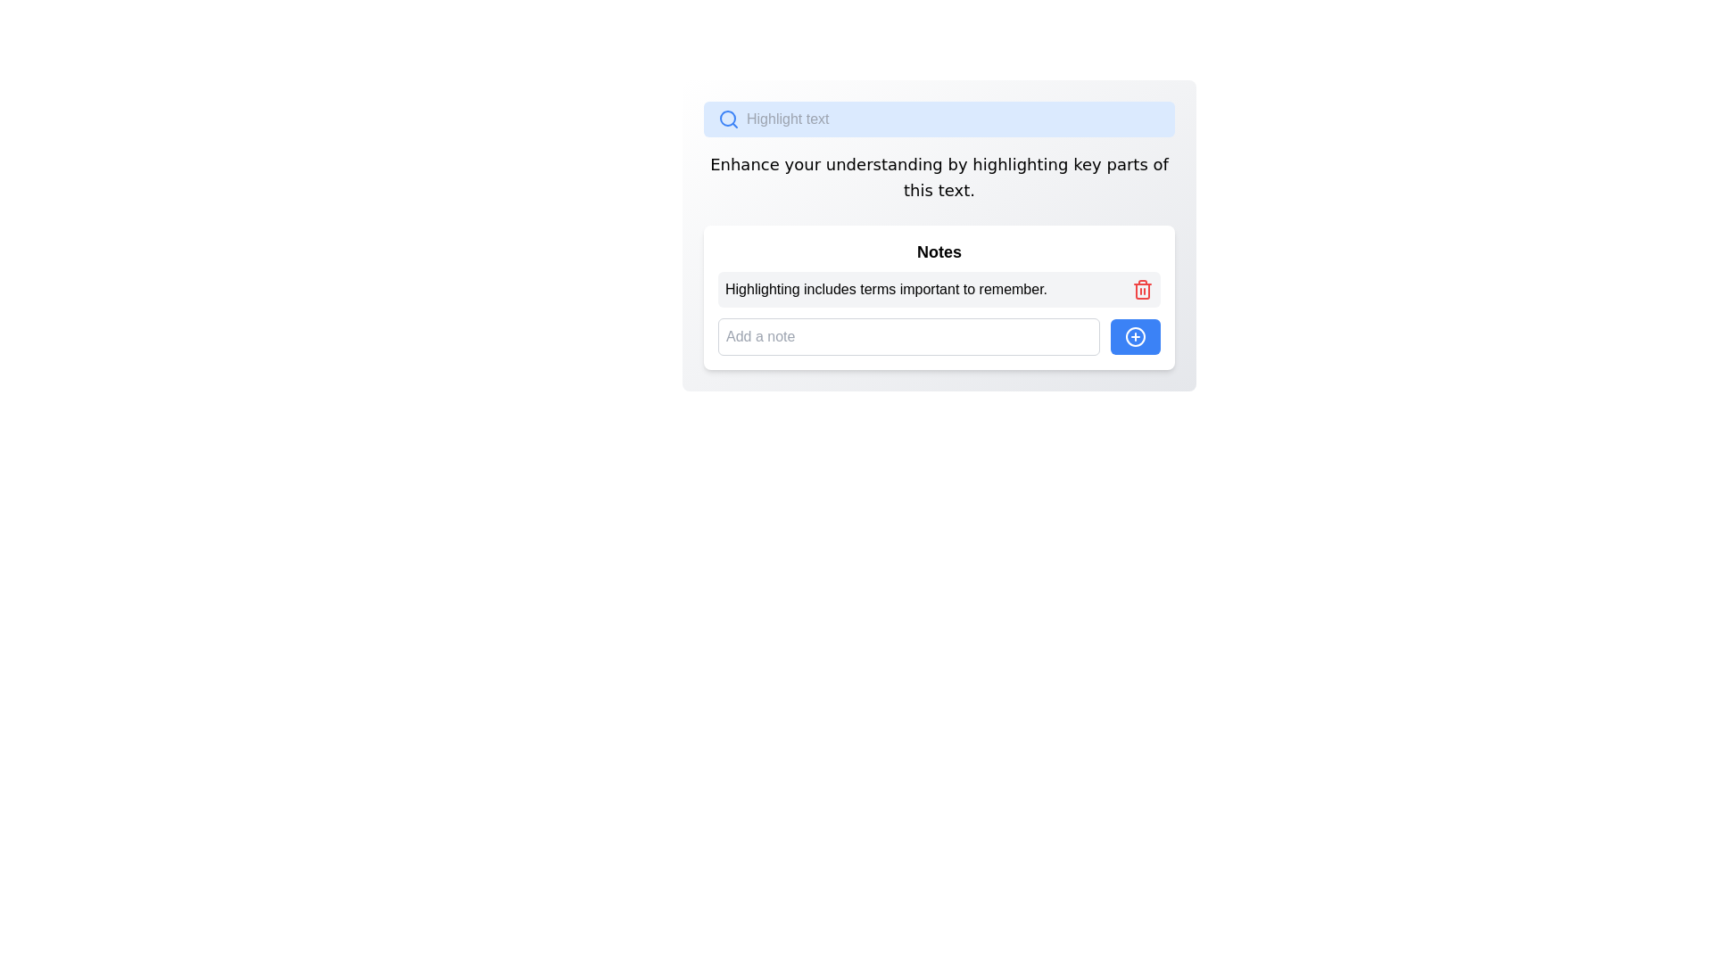 The height and width of the screenshot is (963, 1713). I want to click on the text character in the word 'highlighting' located in the sentence 'Enhance your understanding by highlighting key parts of this text.', so click(984, 164).